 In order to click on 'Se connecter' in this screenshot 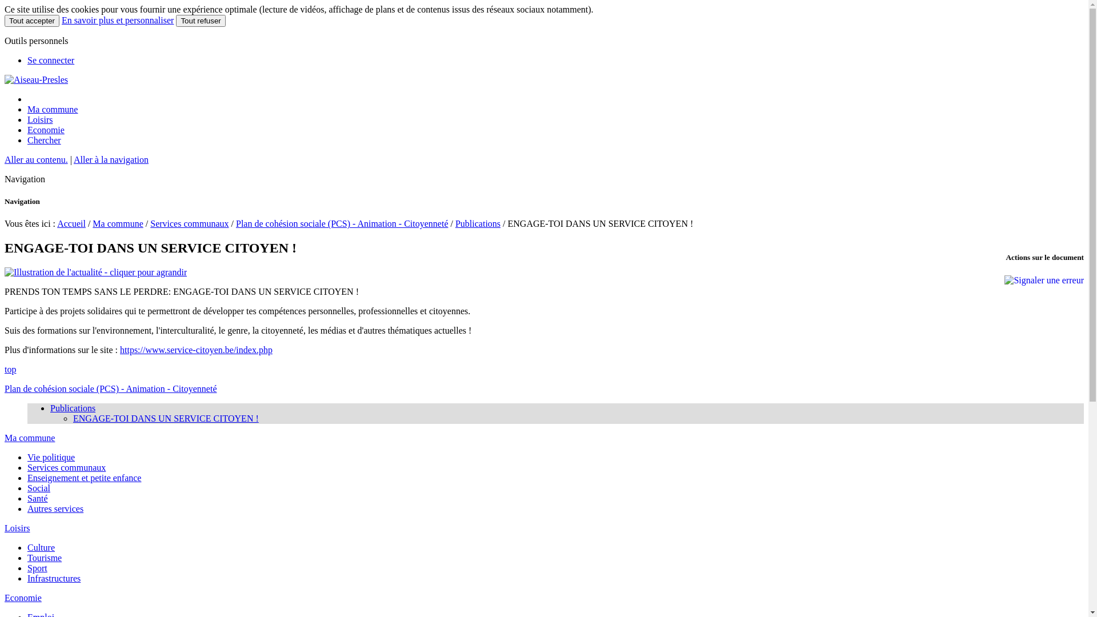, I will do `click(50, 60)`.